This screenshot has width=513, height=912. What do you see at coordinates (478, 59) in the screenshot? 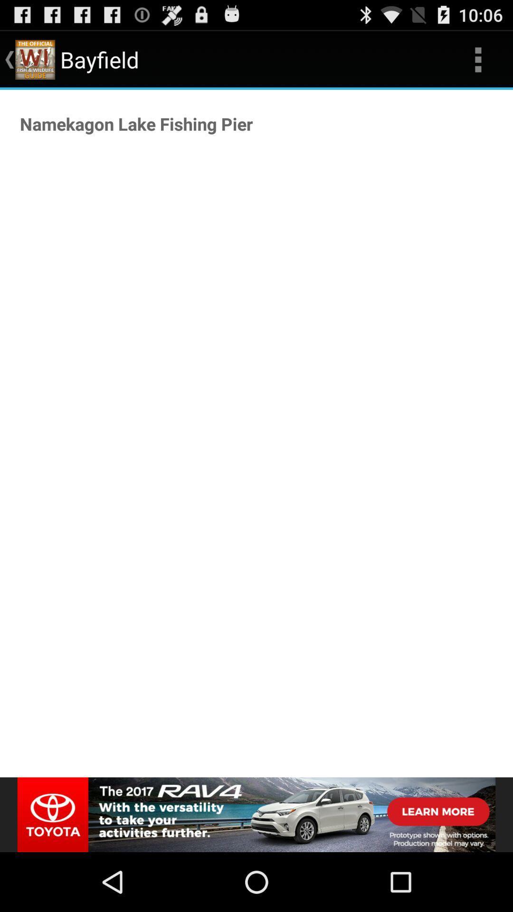
I see `the app next to the bayfield icon` at bounding box center [478, 59].